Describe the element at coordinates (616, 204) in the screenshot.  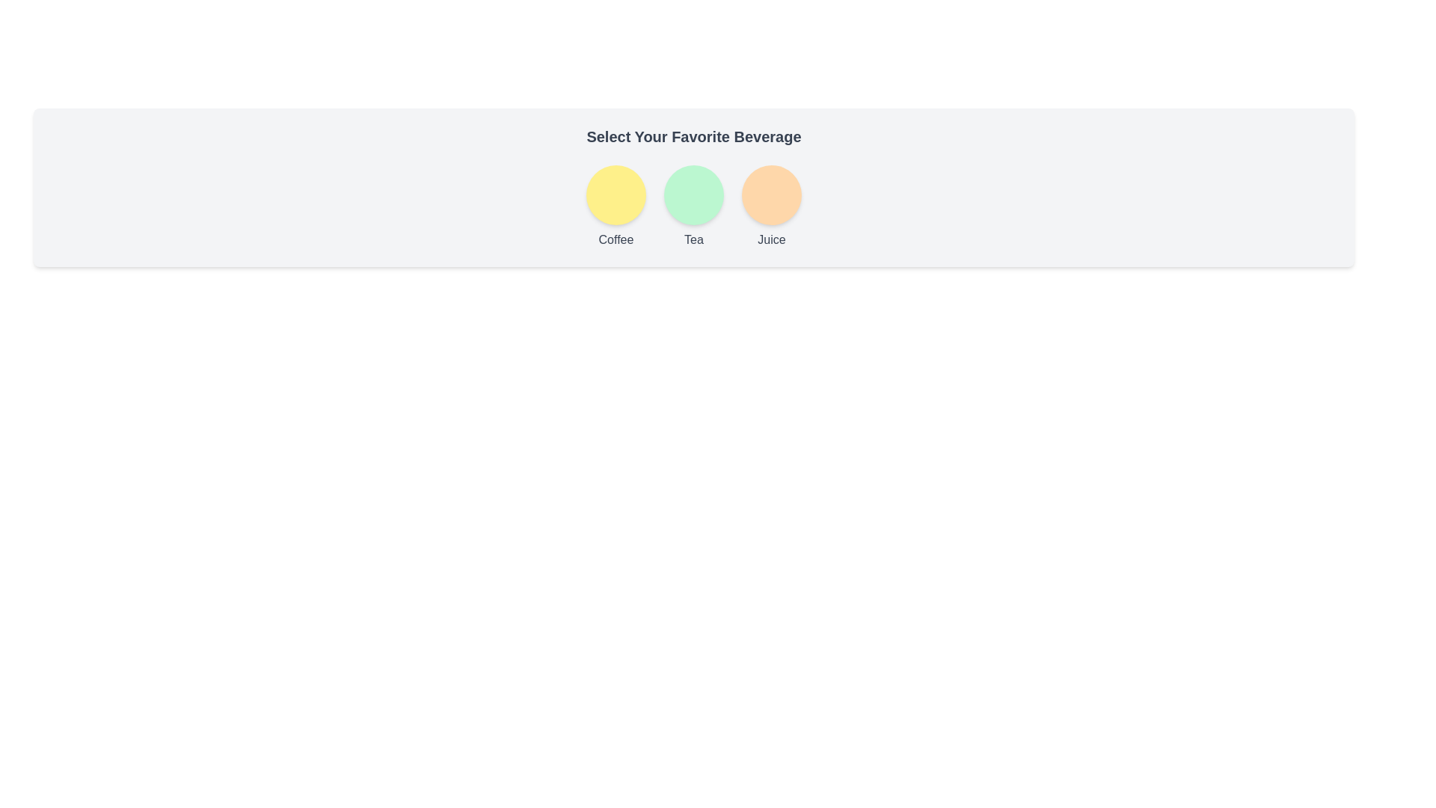
I see `the selectable button labeled 'Coffee', which is the first in a set of three options for beverage preference` at that location.